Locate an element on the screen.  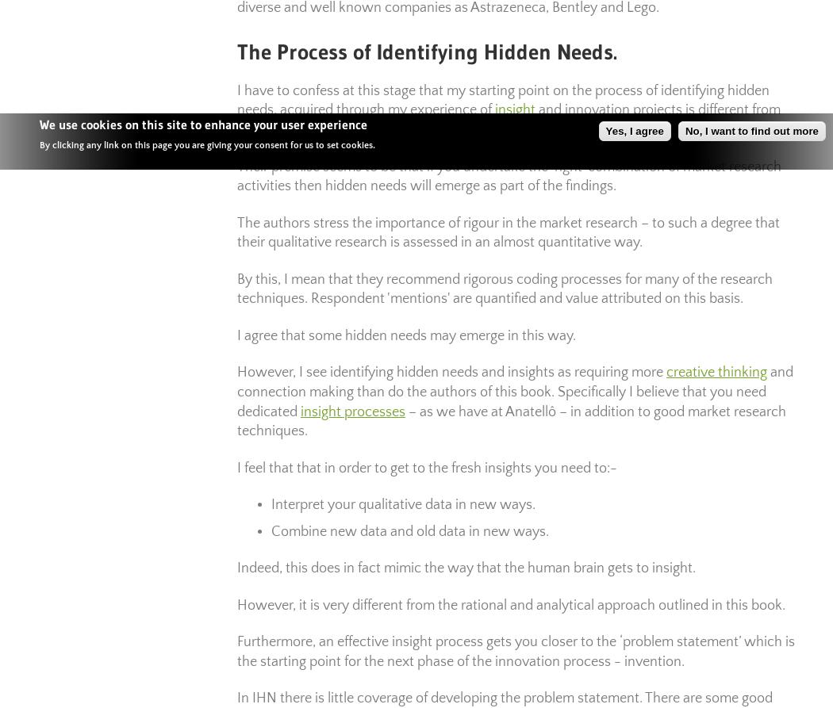
'Furthermore, an effective insight process gets you closer to the ‘problem statement’ which is the starting point for the next phase of the innovation process - invention.' is located at coordinates (515, 650).